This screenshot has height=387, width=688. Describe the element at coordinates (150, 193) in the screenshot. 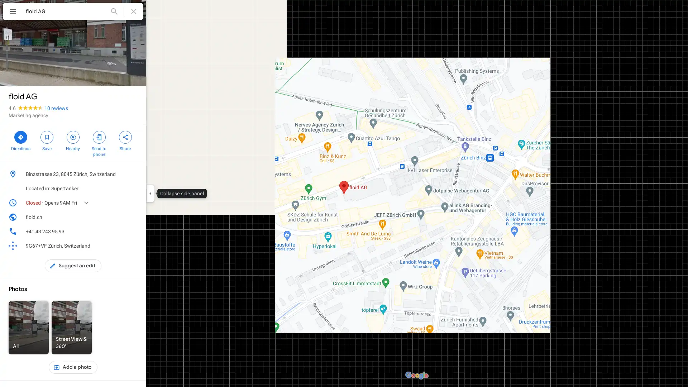

I see `Collapse side panel` at that location.